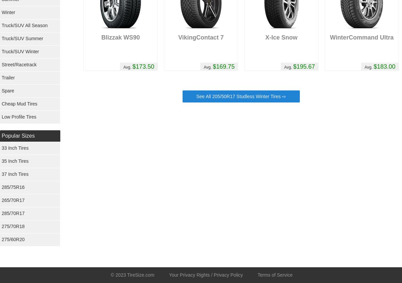 This screenshot has width=402, height=283. I want to click on 'Your Privacy Rights / Privacy Policy', so click(206, 275).